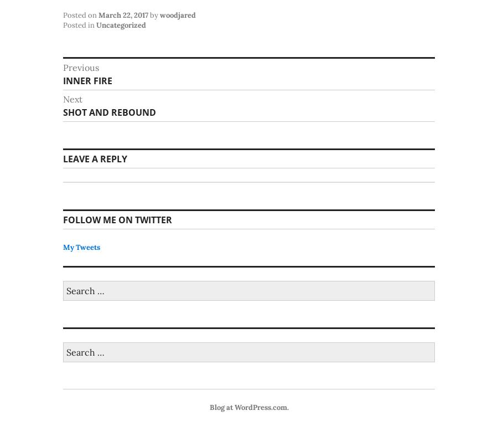  What do you see at coordinates (123, 14) in the screenshot?
I see `'March 22, 2017'` at bounding box center [123, 14].